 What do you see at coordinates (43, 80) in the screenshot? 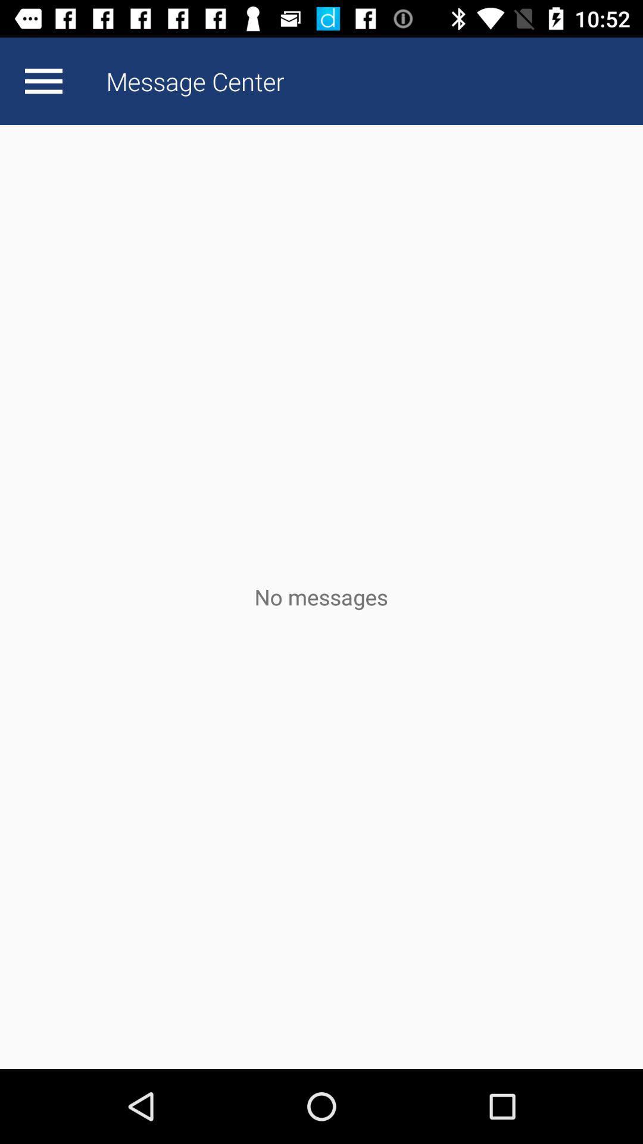
I see `settings` at bounding box center [43, 80].